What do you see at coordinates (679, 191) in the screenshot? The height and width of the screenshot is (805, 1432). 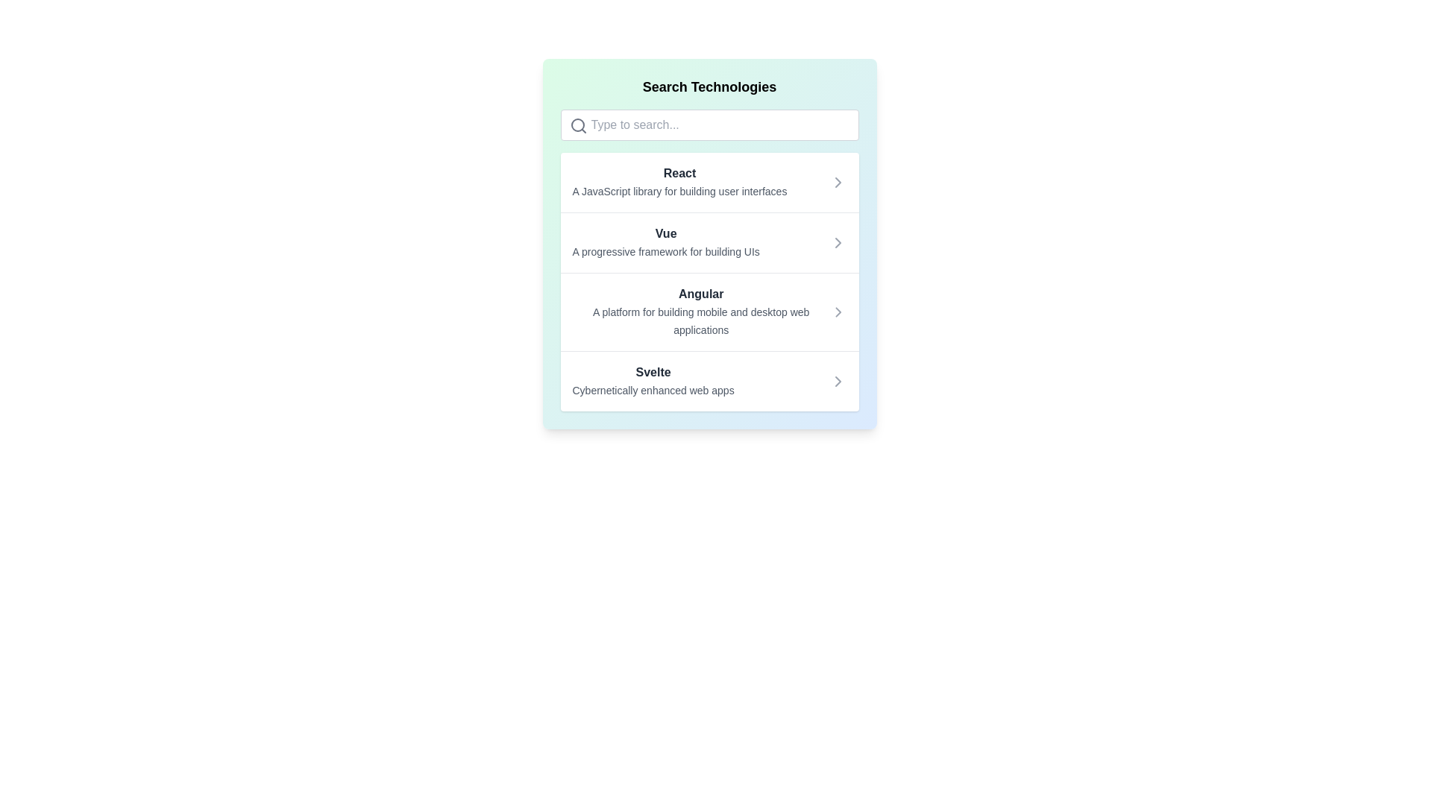 I see `text of the Label located in the second line of the first entry under the 'React' title in the 'Search Technologies' interface` at bounding box center [679, 191].